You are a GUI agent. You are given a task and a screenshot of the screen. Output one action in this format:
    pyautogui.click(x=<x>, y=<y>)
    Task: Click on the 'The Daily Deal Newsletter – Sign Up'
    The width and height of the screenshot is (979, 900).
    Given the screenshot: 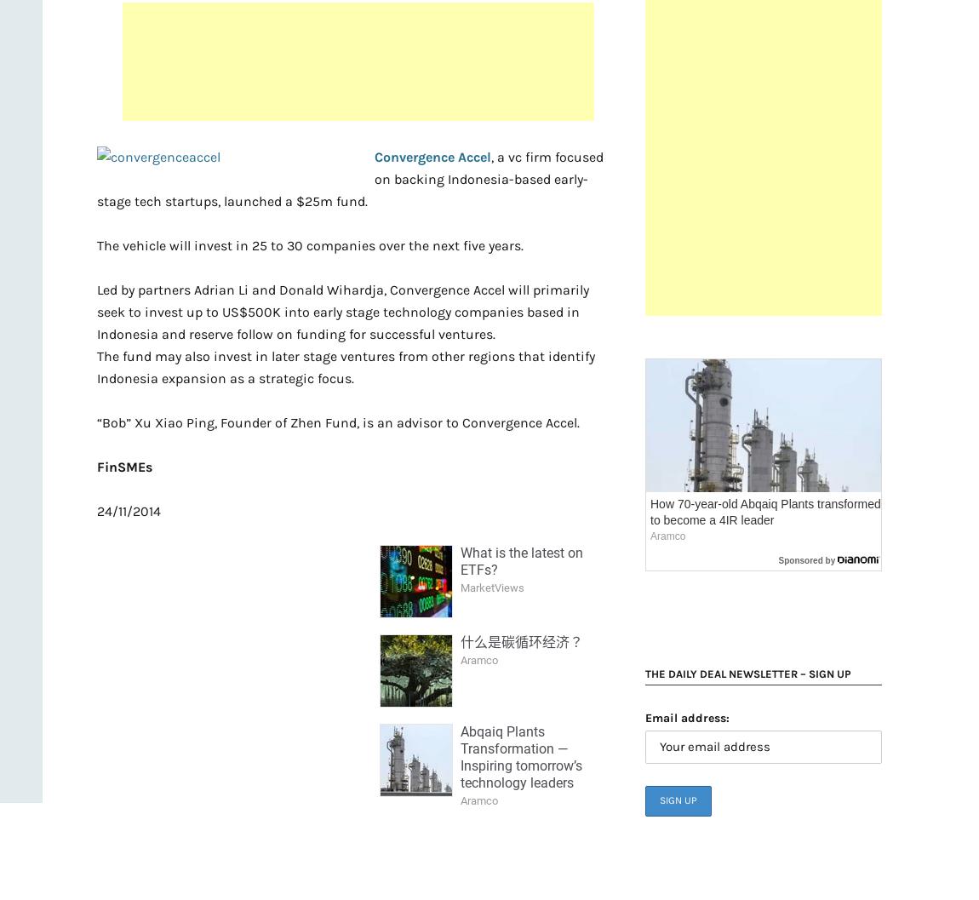 What is the action you would take?
    pyautogui.click(x=747, y=674)
    